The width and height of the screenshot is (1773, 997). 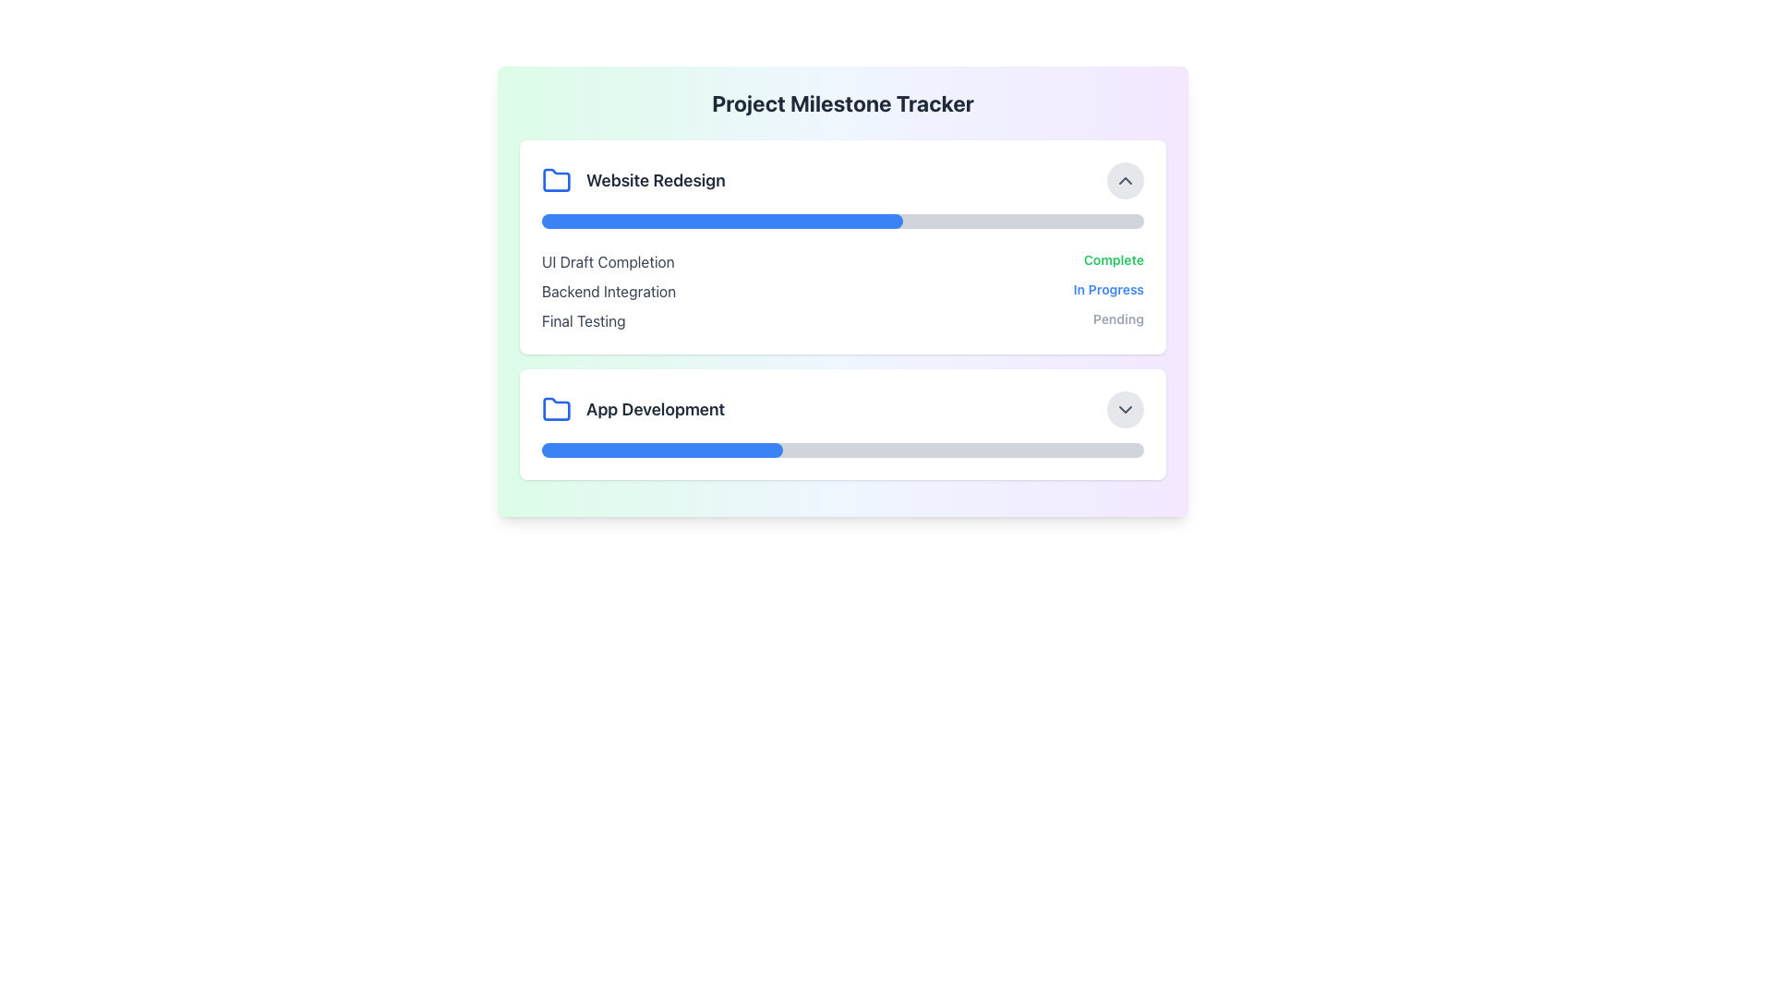 I want to click on the progress bar, so click(x=841, y=220).